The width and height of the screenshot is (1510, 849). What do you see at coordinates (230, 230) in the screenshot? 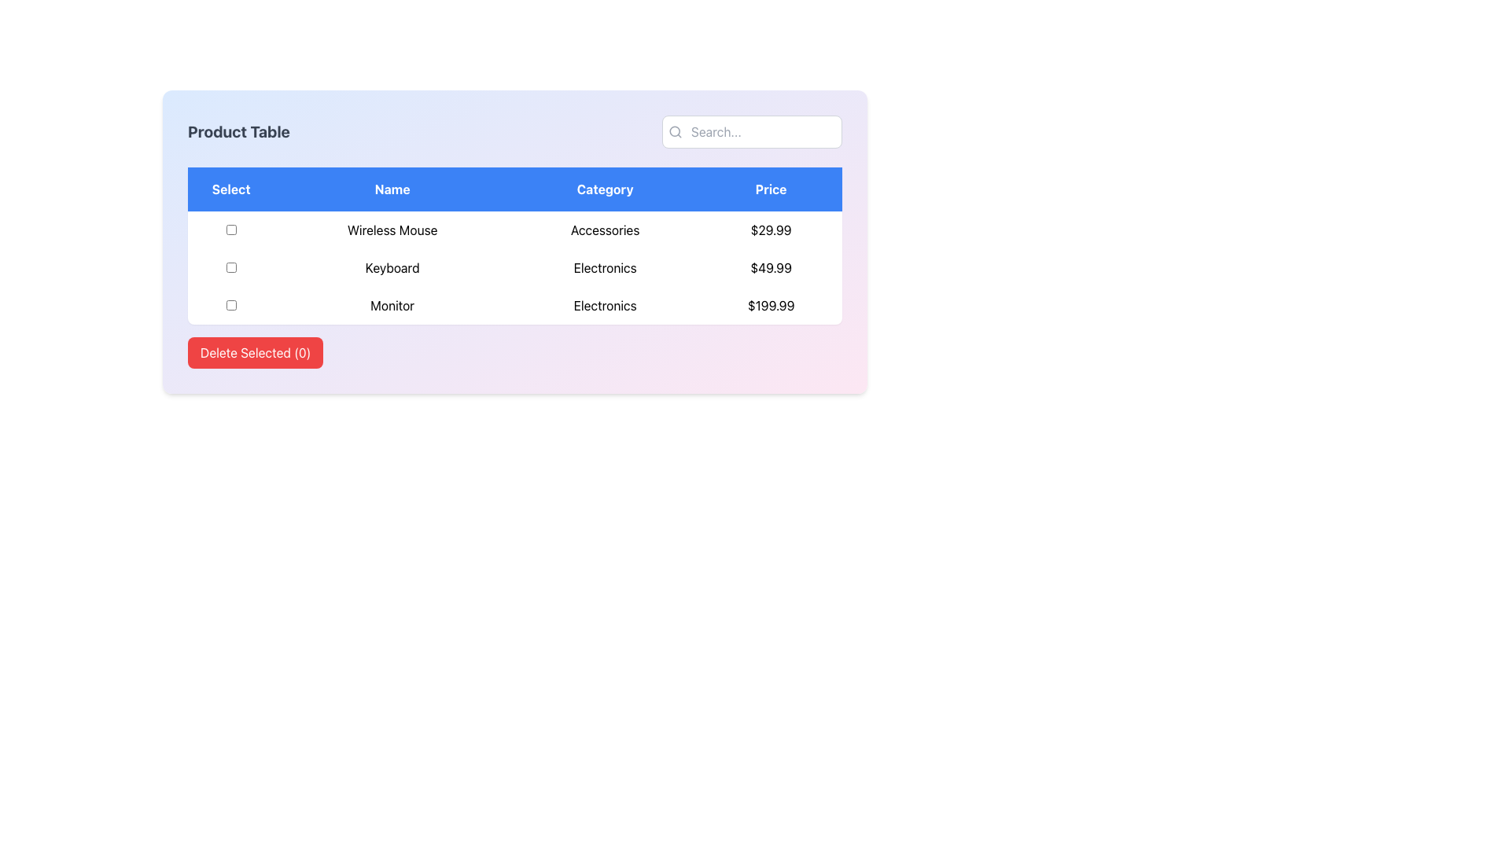
I see `the first checkbox in the 'Select' column of the product table for 'Wireless Mouse'` at bounding box center [230, 230].